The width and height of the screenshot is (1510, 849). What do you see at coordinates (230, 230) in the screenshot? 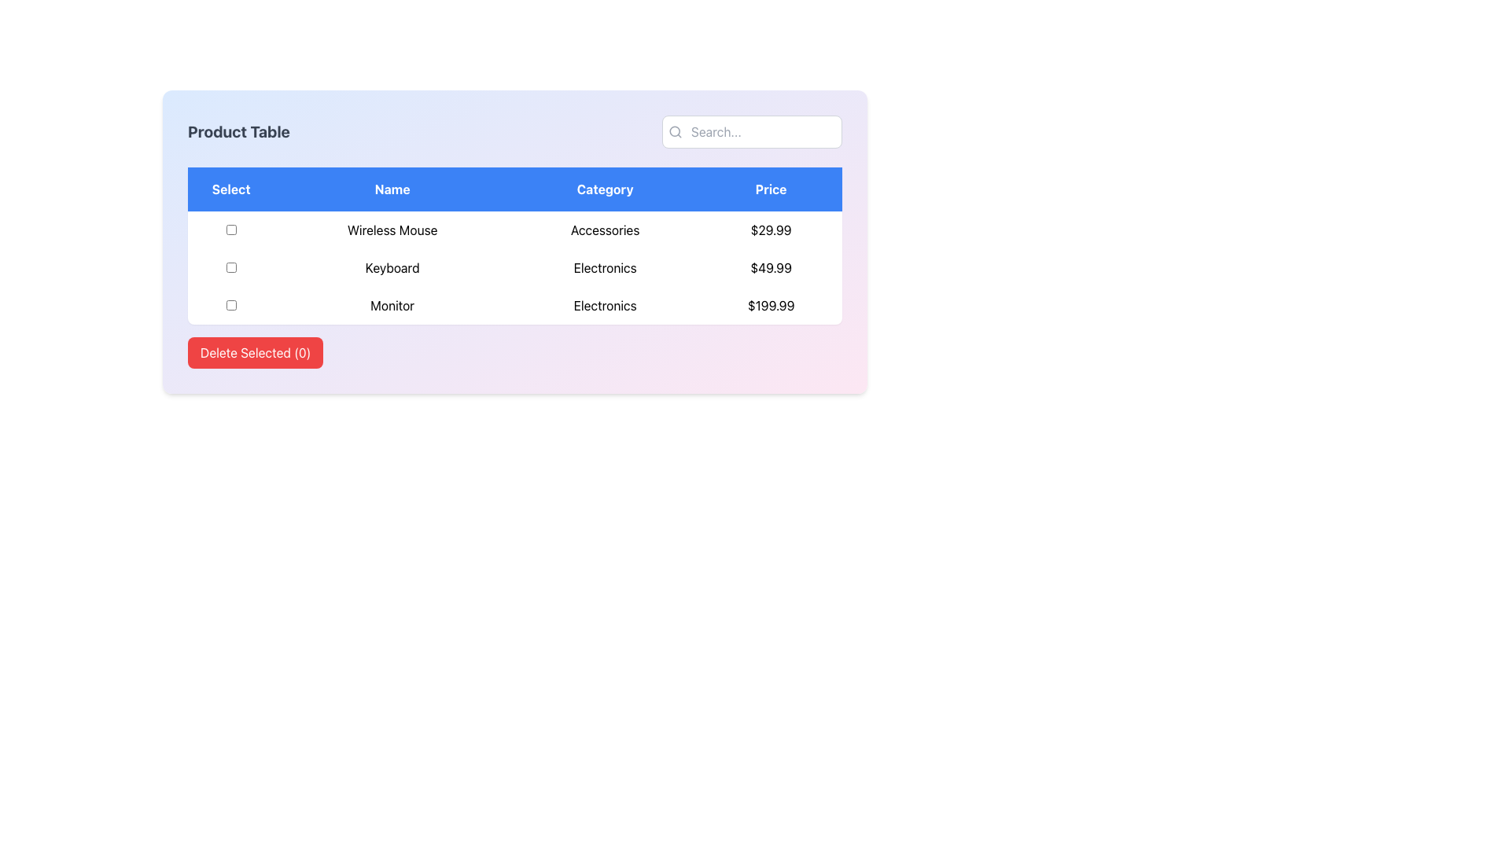
I see `the first checkbox in the 'Select' column of the product table for 'Wireless Mouse'` at bounding box center [230, 230].